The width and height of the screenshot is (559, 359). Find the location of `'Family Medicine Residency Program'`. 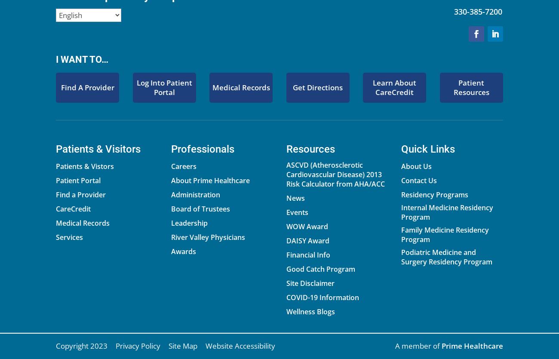

'Family Medicine Residency Program' is located at coordinates (401, 235).